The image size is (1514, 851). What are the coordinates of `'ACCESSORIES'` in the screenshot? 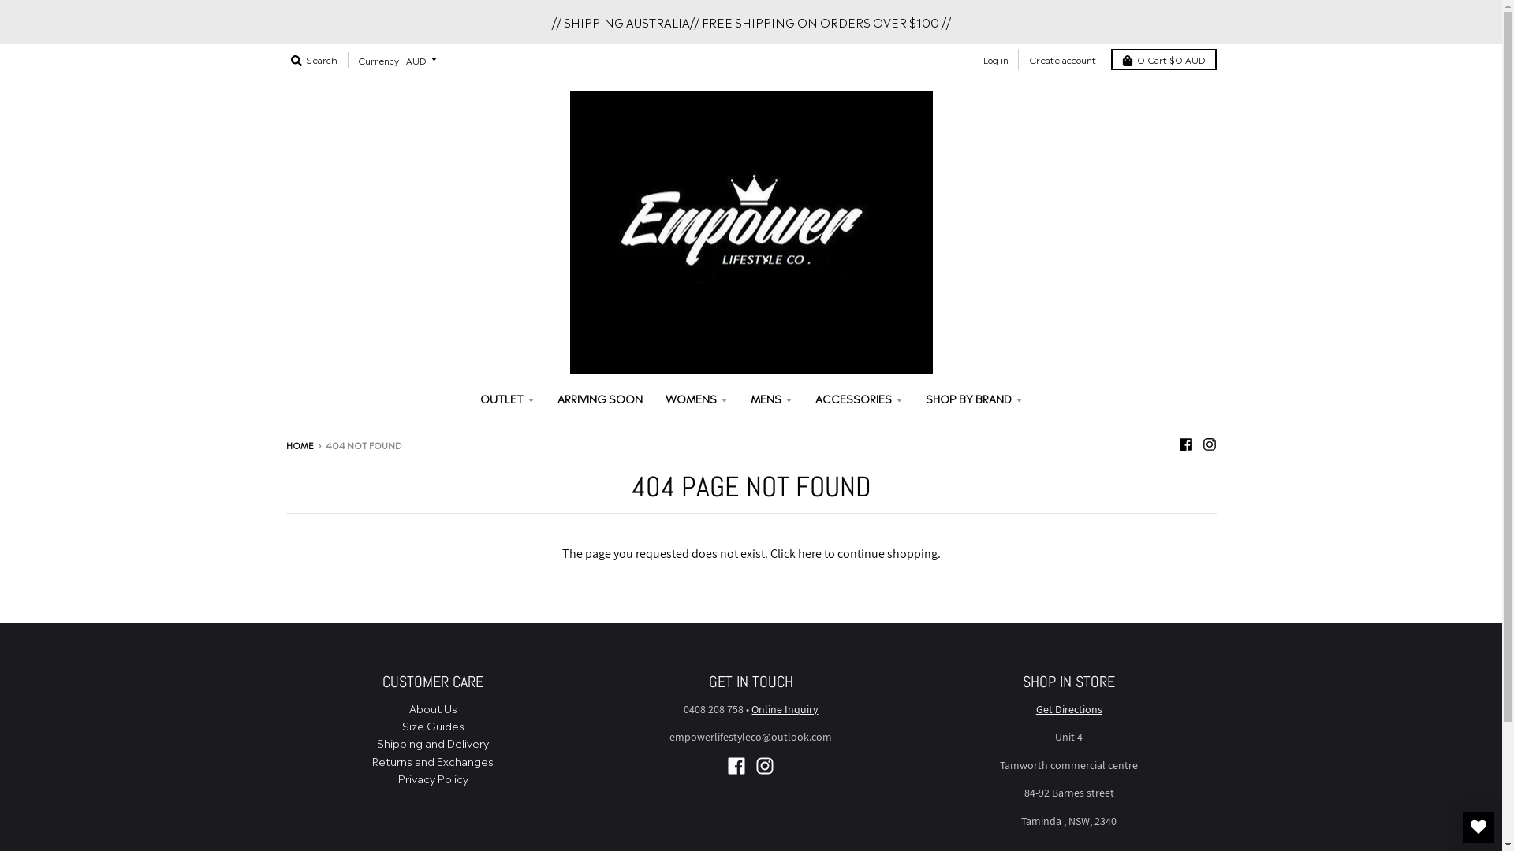 It's located at (804, 397).